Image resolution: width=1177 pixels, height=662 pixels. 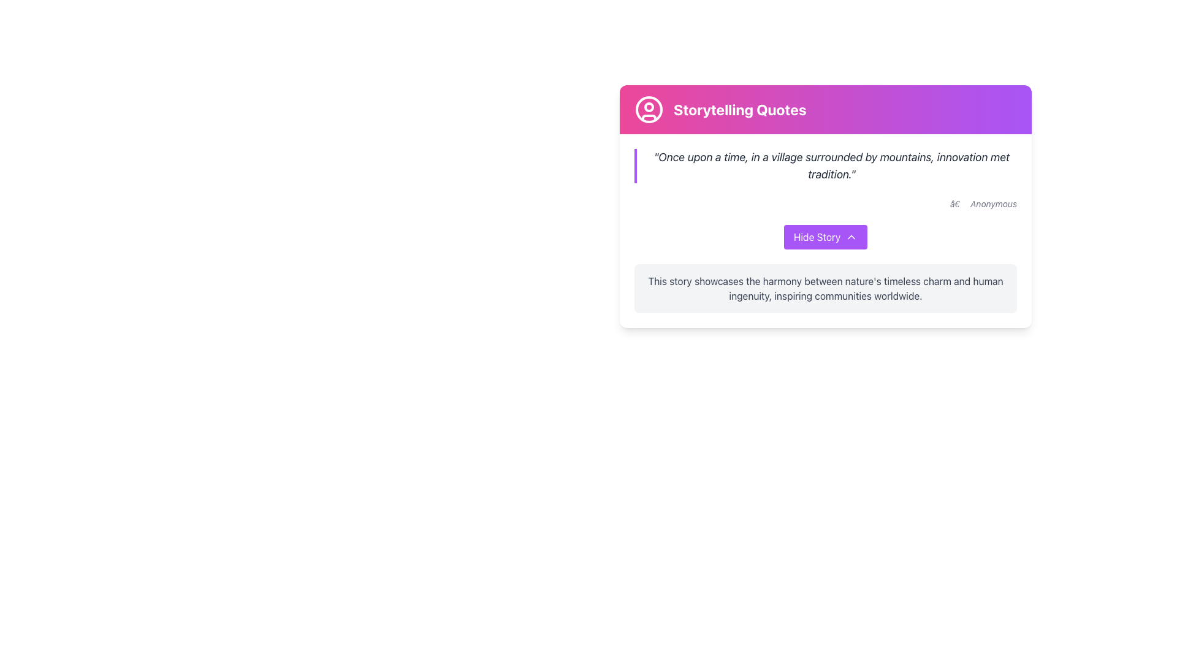 What do you see at coordinates (826, 288) in the screenshot?
I see `the text block containing 'This story showcases the harmony between nature's timeless charm and human ingenuity, inspiring communities worldwide.' which is styled in gray font within a light gray rounded rectangular background` at bounding box center [826, 288].